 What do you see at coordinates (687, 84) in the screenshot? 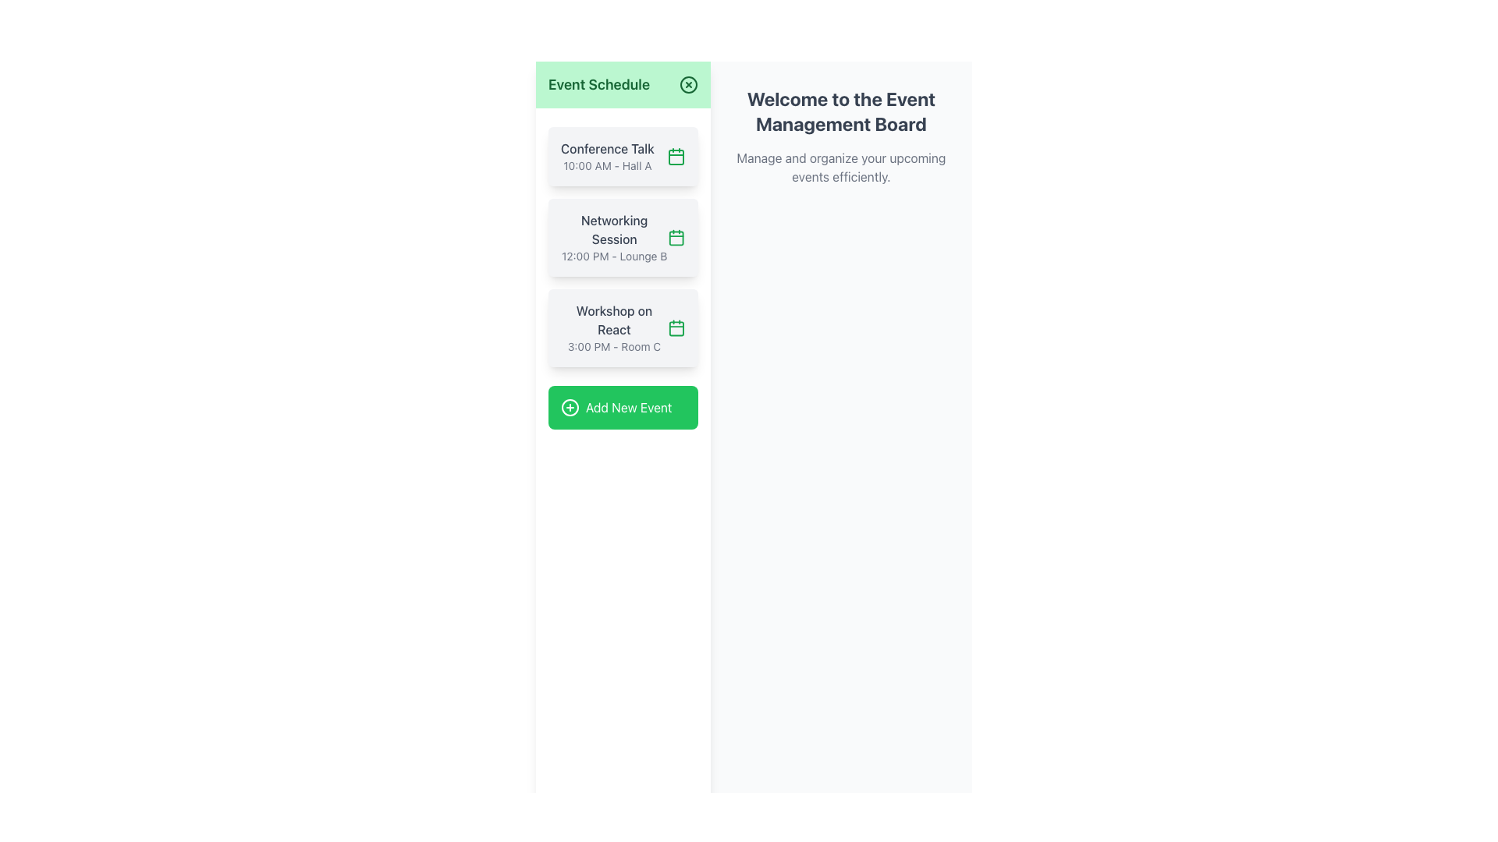
I see `the close symbol in the green header, located to the right of 'Event Schedule' in the sidebar` at bounding box center [687, 84].